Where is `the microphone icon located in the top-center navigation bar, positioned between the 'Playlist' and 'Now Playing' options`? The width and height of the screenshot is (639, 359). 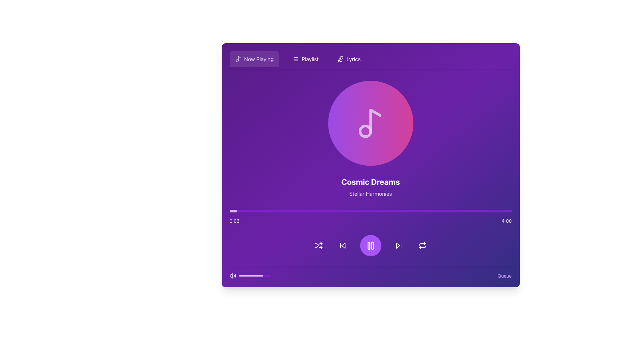
the microphone icon located in the top-center navigation bar, positioned between the 'Playlist' and 'Now Playing' options is located at coordinates (340, 59).